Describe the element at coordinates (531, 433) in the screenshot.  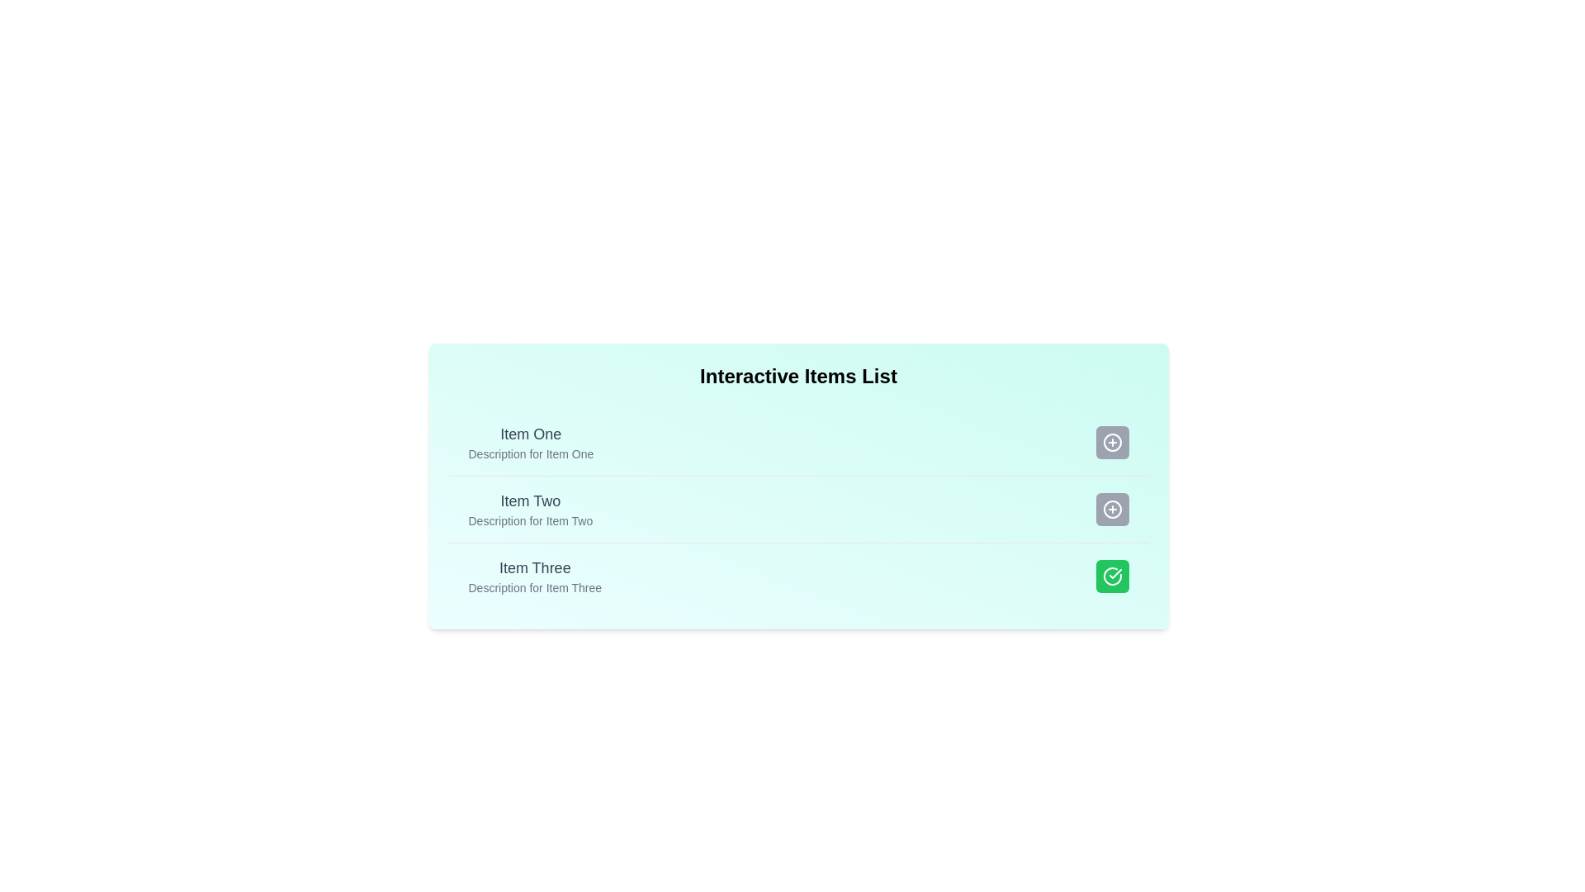
I see `the title or description of Item One to observe the tooltip or effect` at that location.